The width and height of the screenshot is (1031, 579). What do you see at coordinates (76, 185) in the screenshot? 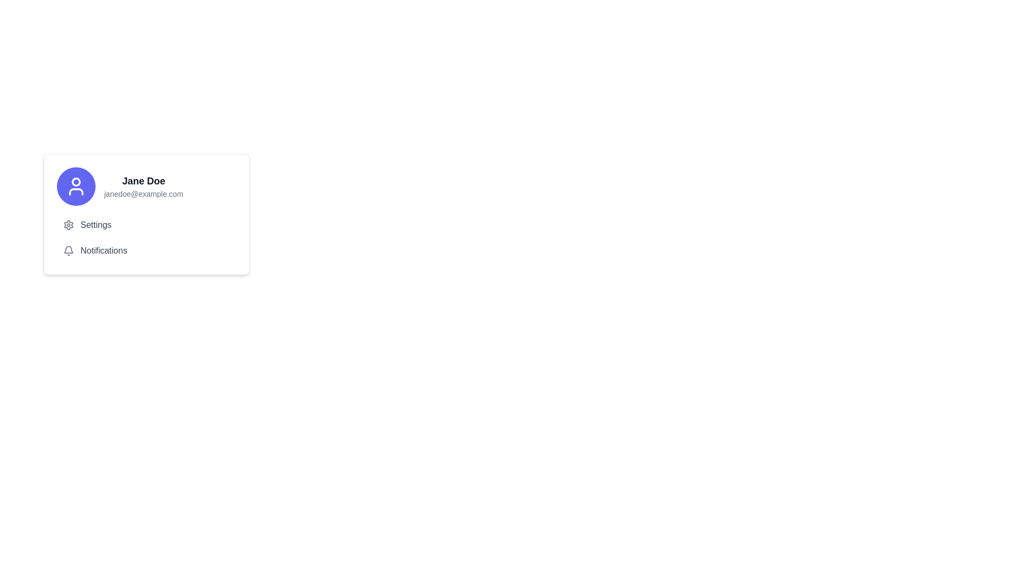
I see `the circular violet button-like user icon with white line art from its current position` at bounding box center [76, 185].